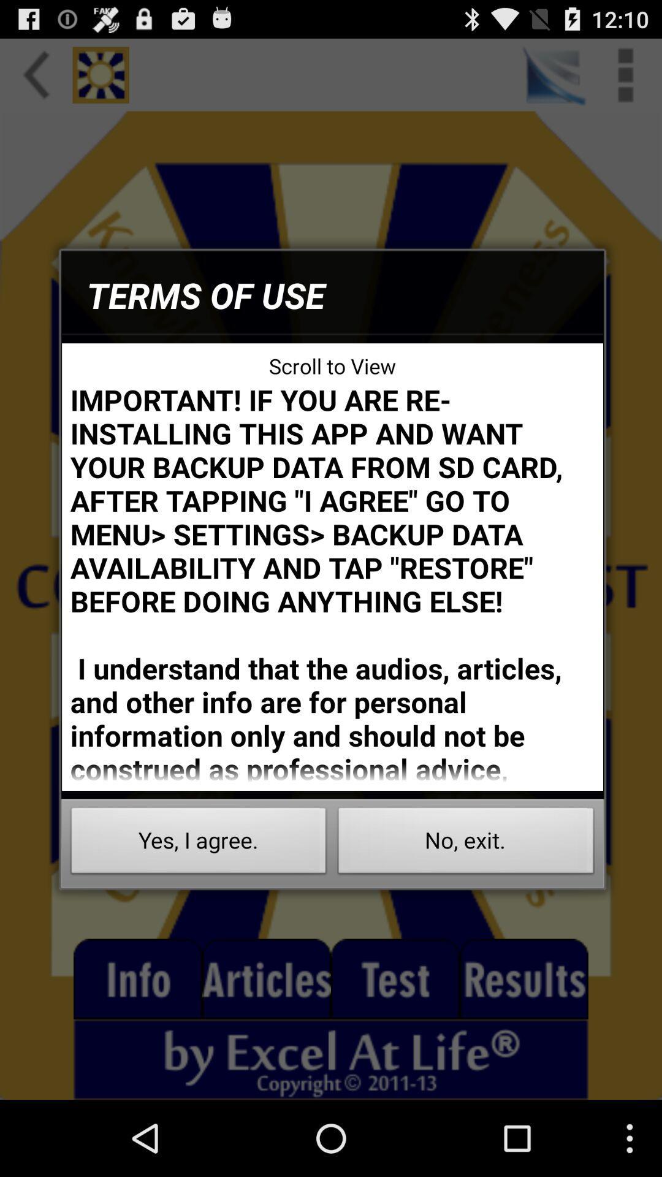  I want to click on the icon below the important if you icon, so click(466, 844).